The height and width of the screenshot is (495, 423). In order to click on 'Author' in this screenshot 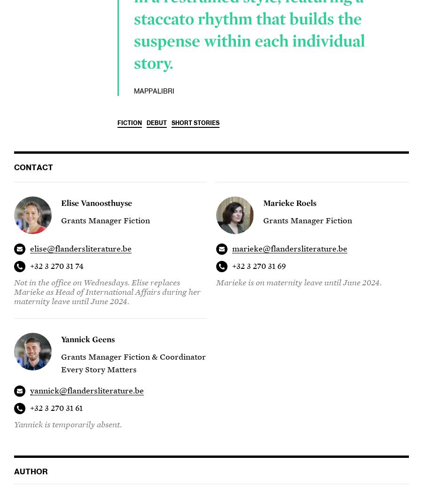, I will do `click(30, 472)`.